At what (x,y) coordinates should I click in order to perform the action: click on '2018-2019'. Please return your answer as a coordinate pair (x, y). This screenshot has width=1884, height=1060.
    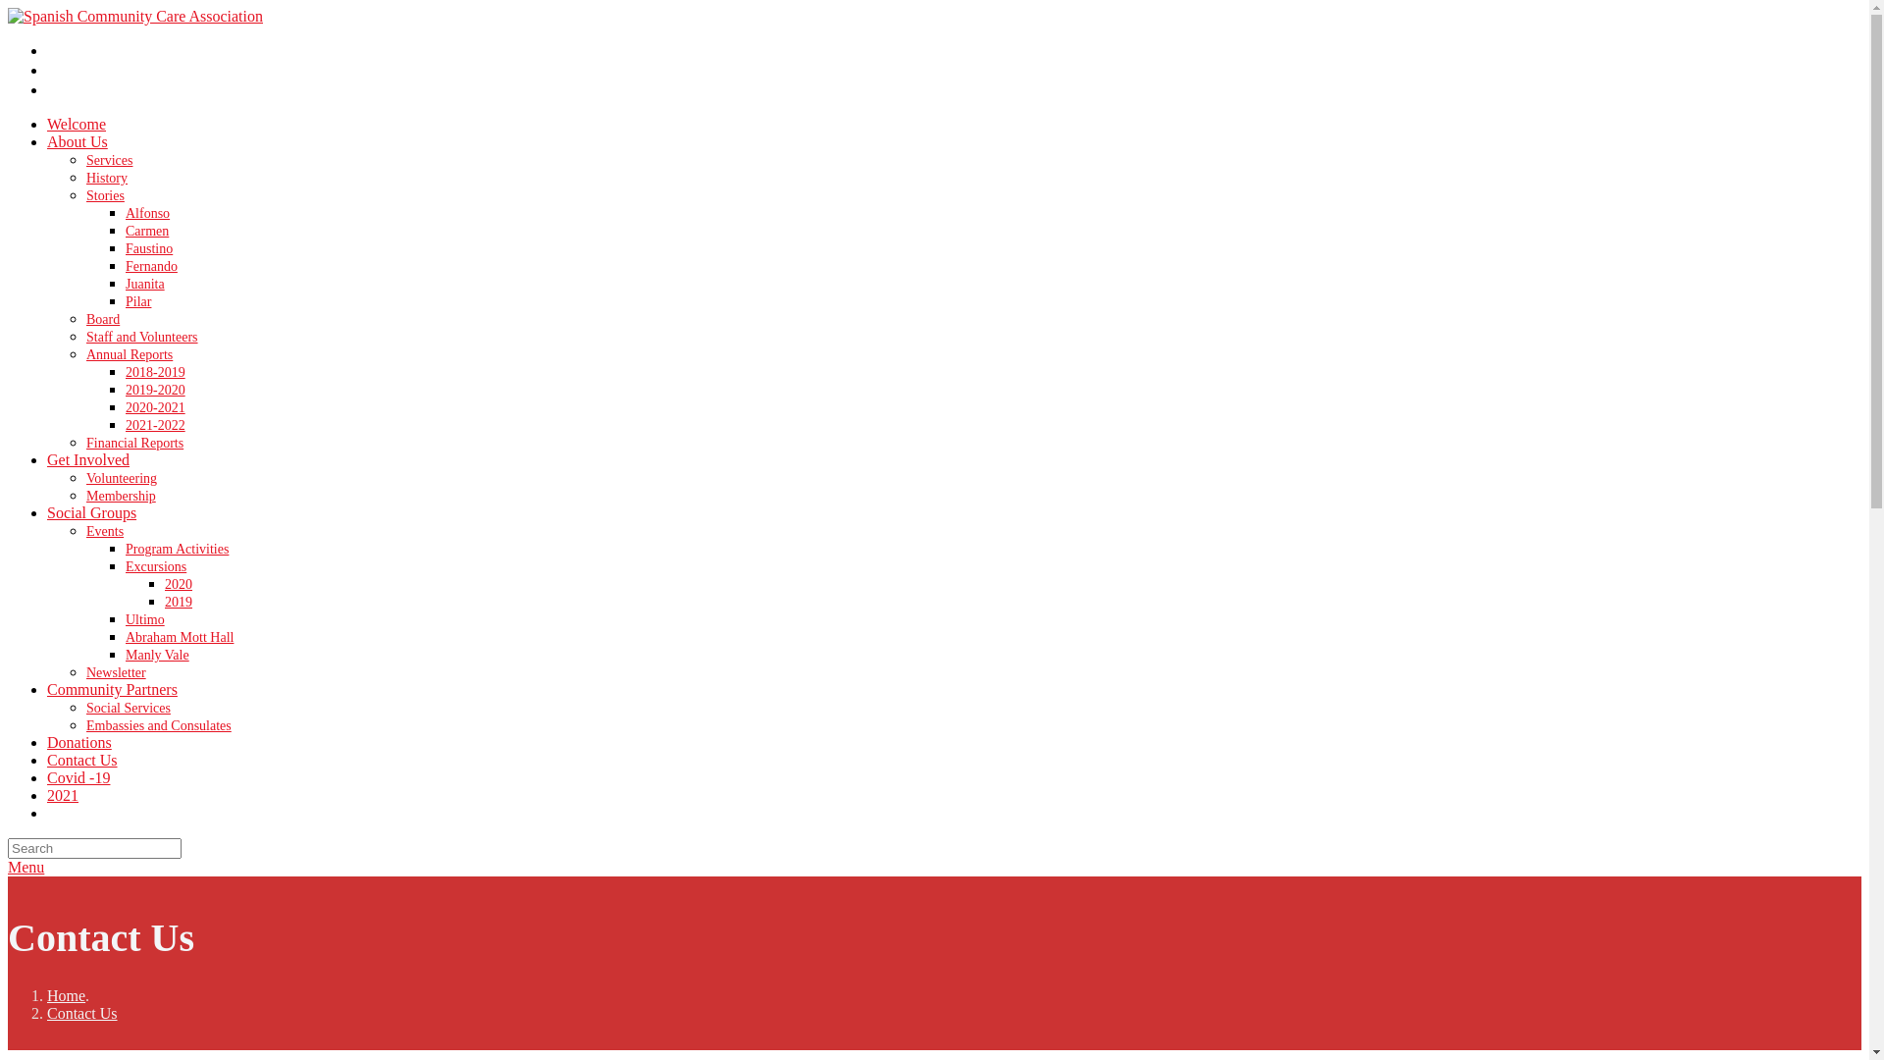
    Looking at the image, I should click on (154, 372).